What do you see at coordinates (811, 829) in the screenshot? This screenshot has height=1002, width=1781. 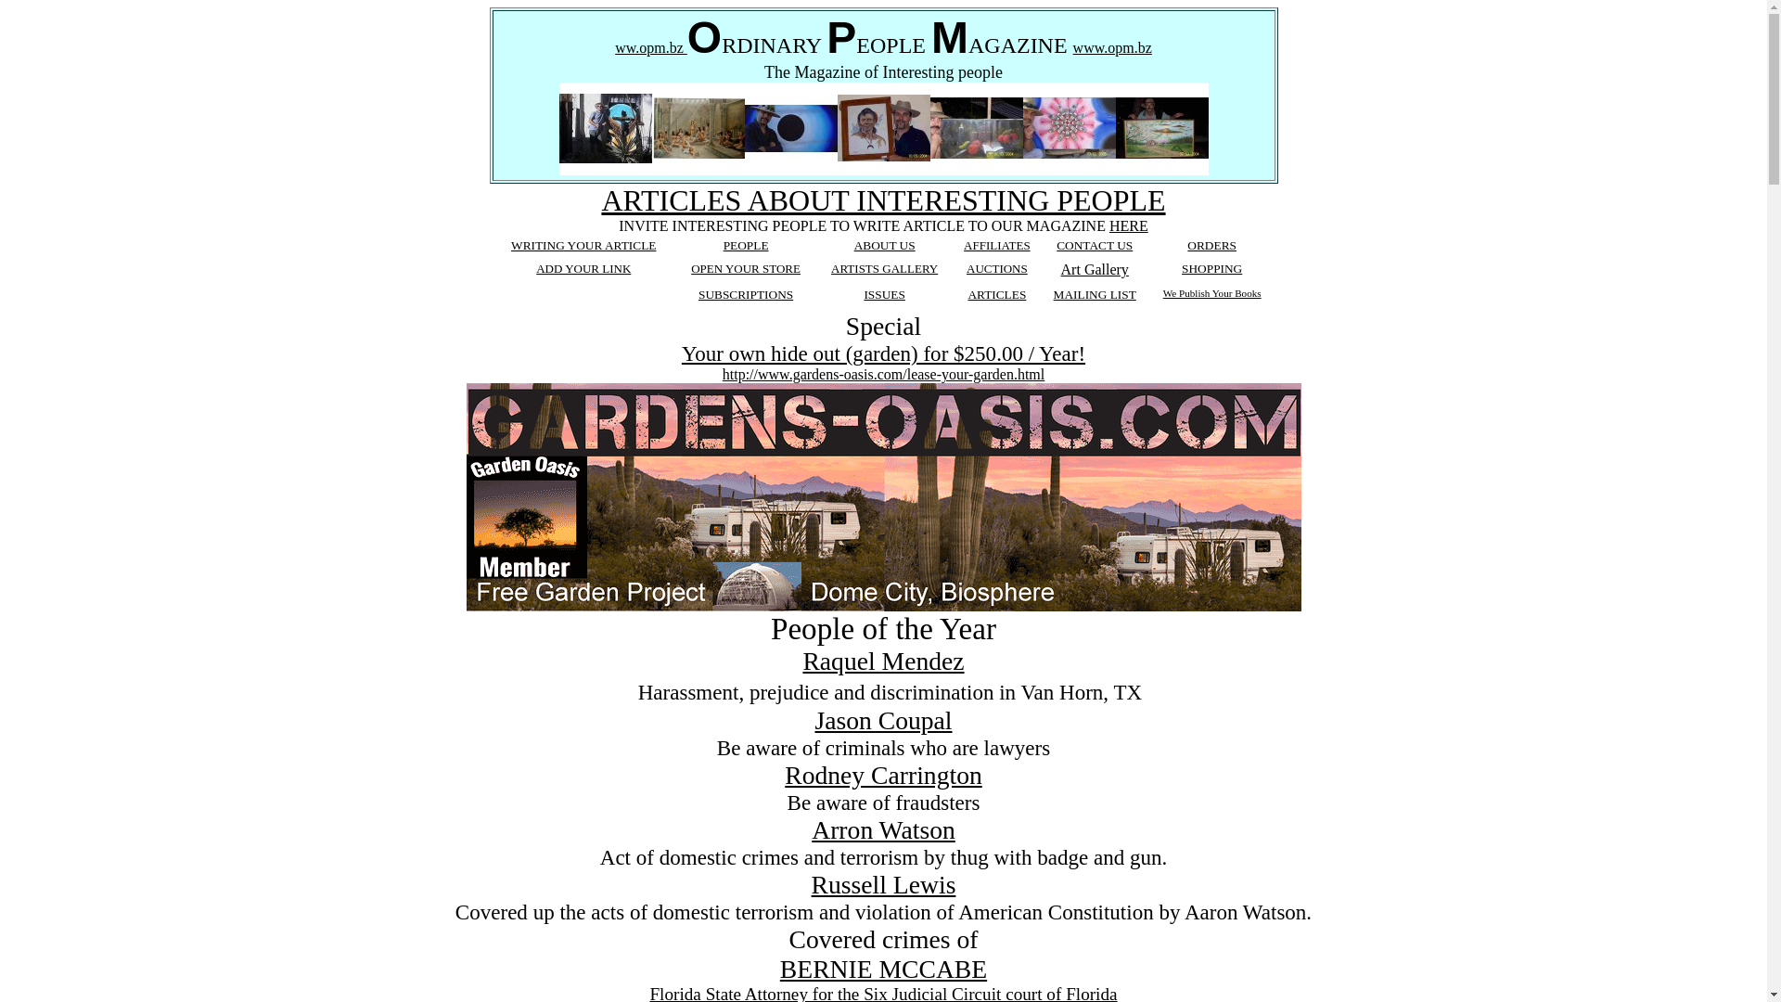 I see `'Arron Watson'` at bounding box center [811, 829].